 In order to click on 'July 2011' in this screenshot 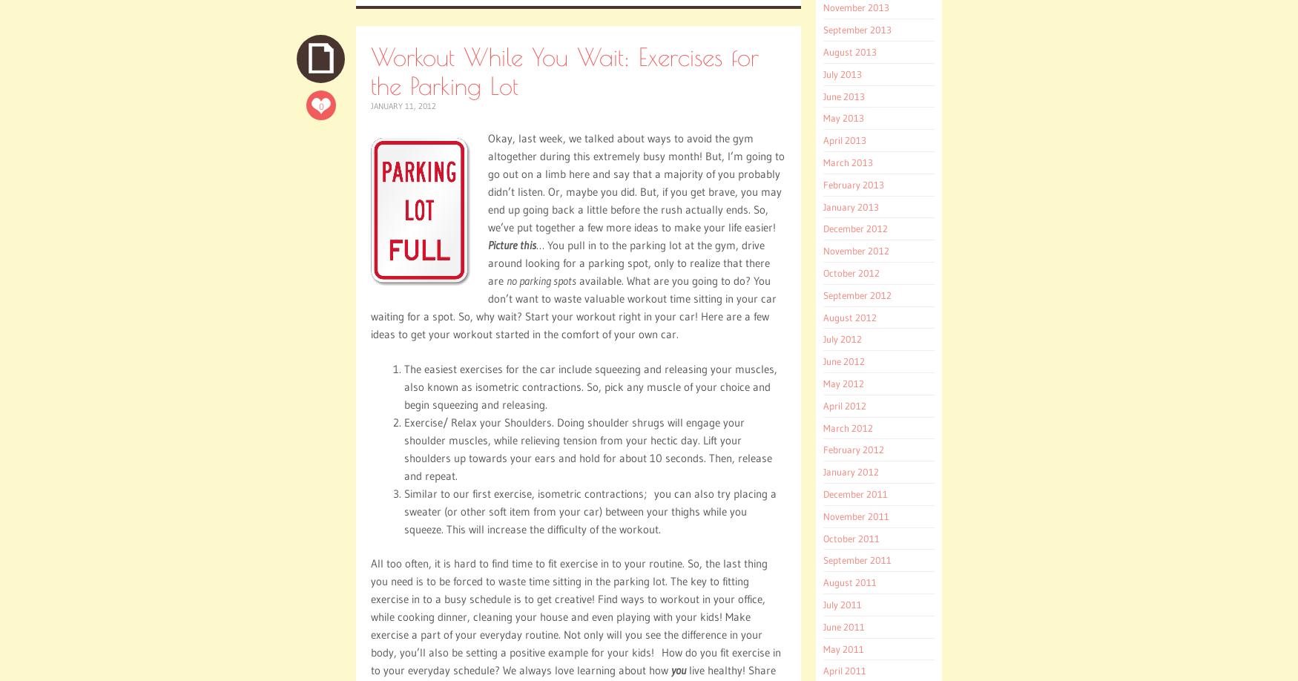, I will do `click(841, 603)`.